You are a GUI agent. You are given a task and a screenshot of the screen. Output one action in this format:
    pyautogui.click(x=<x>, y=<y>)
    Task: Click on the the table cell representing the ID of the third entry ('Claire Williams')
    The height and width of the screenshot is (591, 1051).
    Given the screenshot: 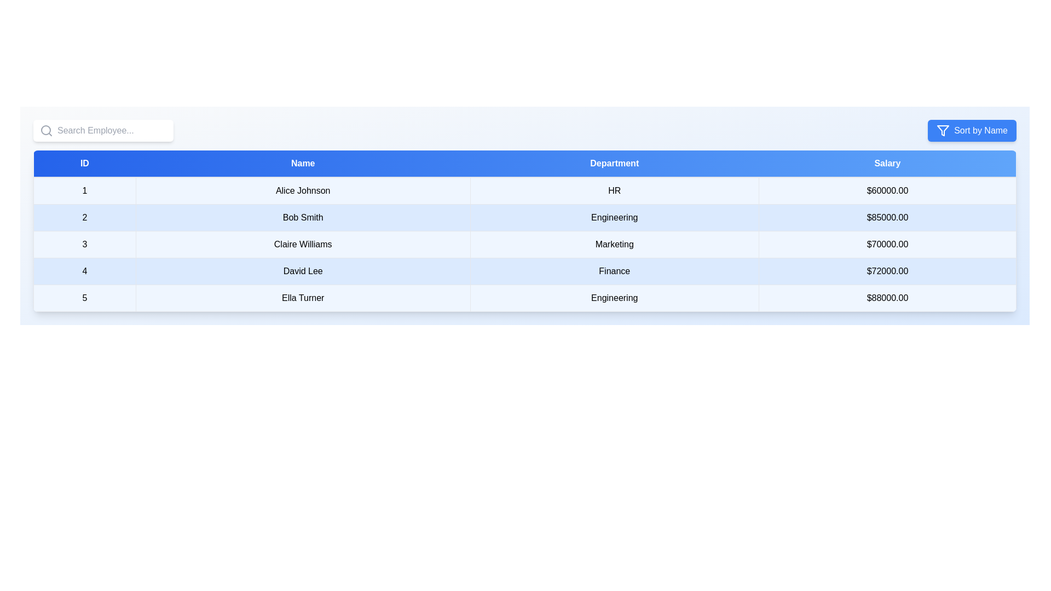 What is the action you would take?
    pyautogui.click(x=84, y=244)
    